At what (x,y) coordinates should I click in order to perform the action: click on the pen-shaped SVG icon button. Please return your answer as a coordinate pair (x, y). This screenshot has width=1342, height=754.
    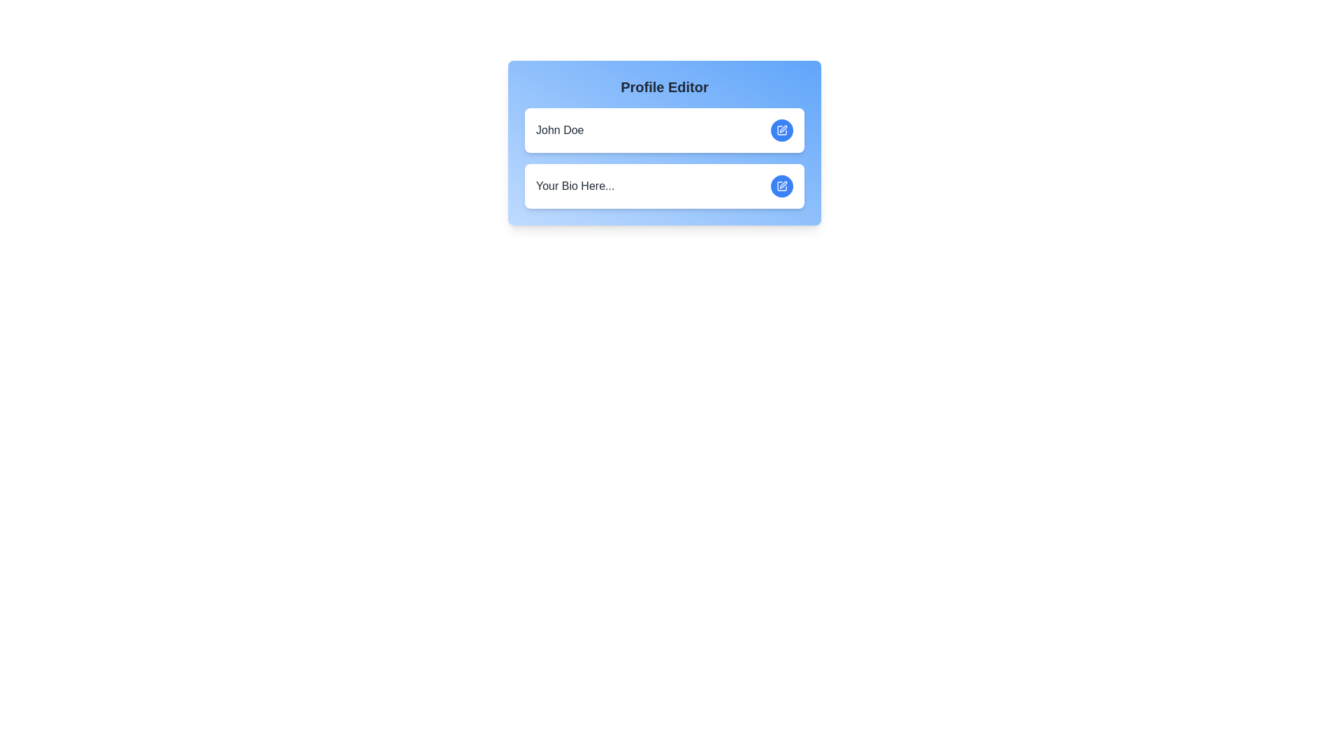
    Looking at the image, I should click on (784, 184).